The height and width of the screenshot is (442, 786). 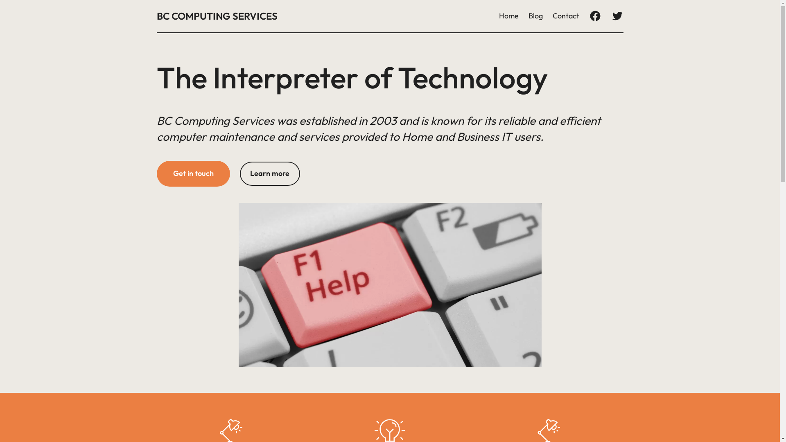 What do you see at coordinates (508, 16) in the screenshot?
I see `'Home'` at bounding box center [508, 16].